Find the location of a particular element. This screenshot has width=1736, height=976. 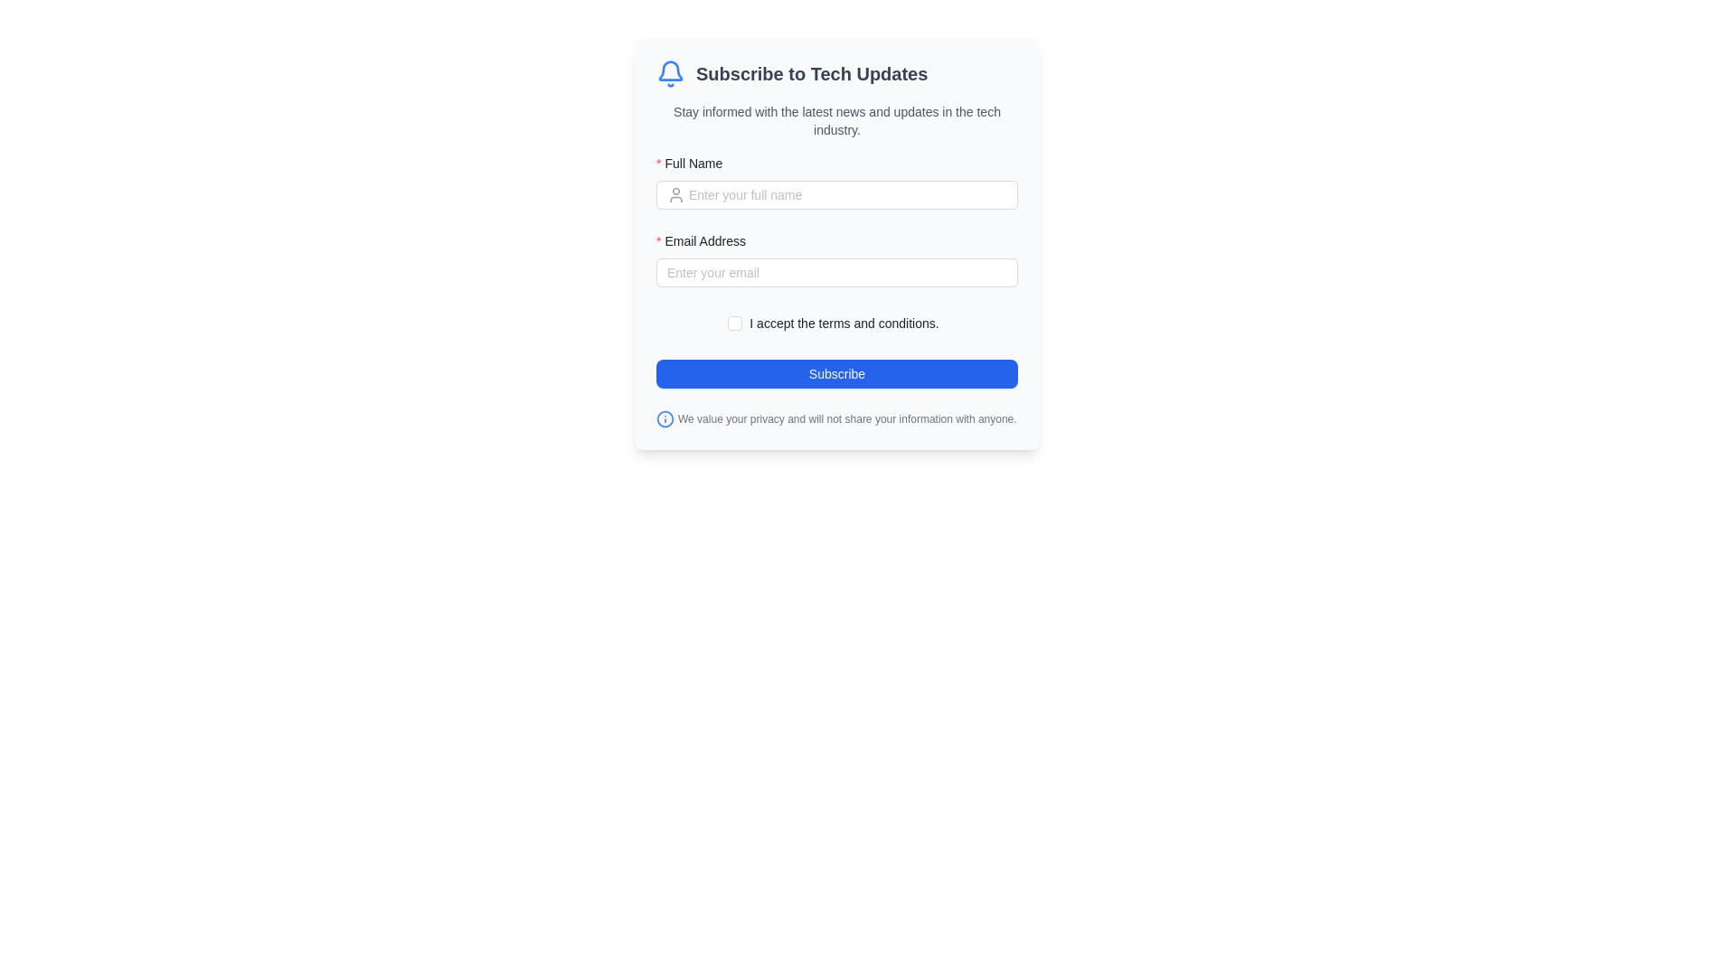

the hyperlink in the label of the checkbox for agreeing to terms and conditions, which is the third input control in the vertical form layout, located above the 'Subscribe' button is located at coordinates (836, 323).